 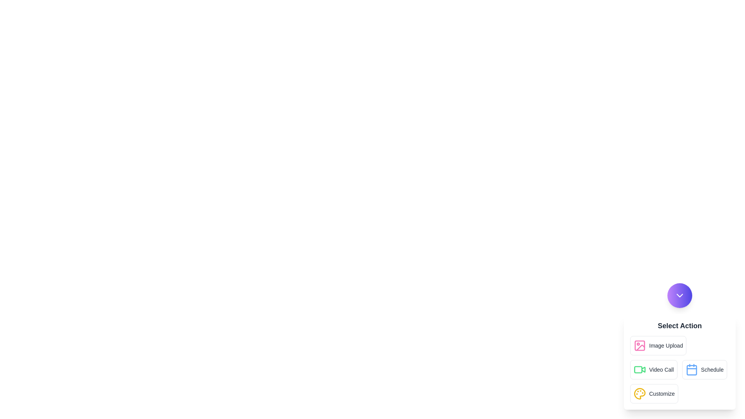 I want to click on the second button in the grid layout that launches the video call feature, so click(x=653, y=369).